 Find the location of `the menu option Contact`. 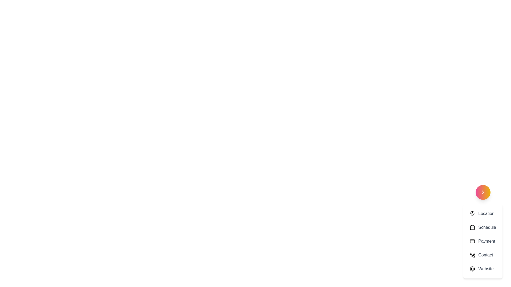

the menu option Contact is located at coordinates (483, 255).